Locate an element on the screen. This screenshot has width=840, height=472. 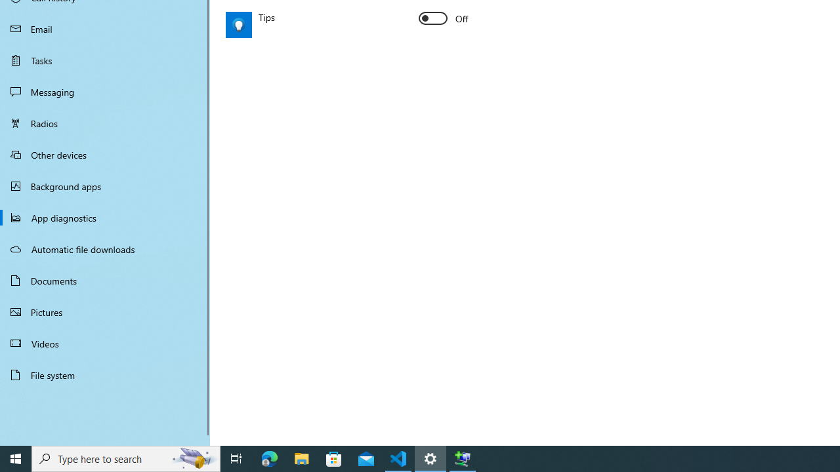
'File Explorer' is located at coordinates (301, 458).